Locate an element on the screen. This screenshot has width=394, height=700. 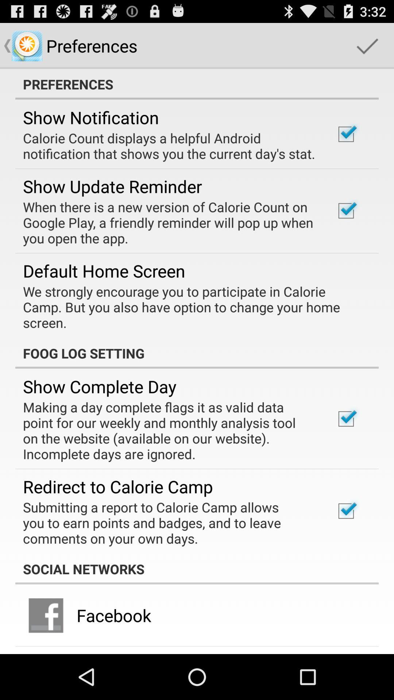
the foog log setting item is located at coordinates (197, 353).